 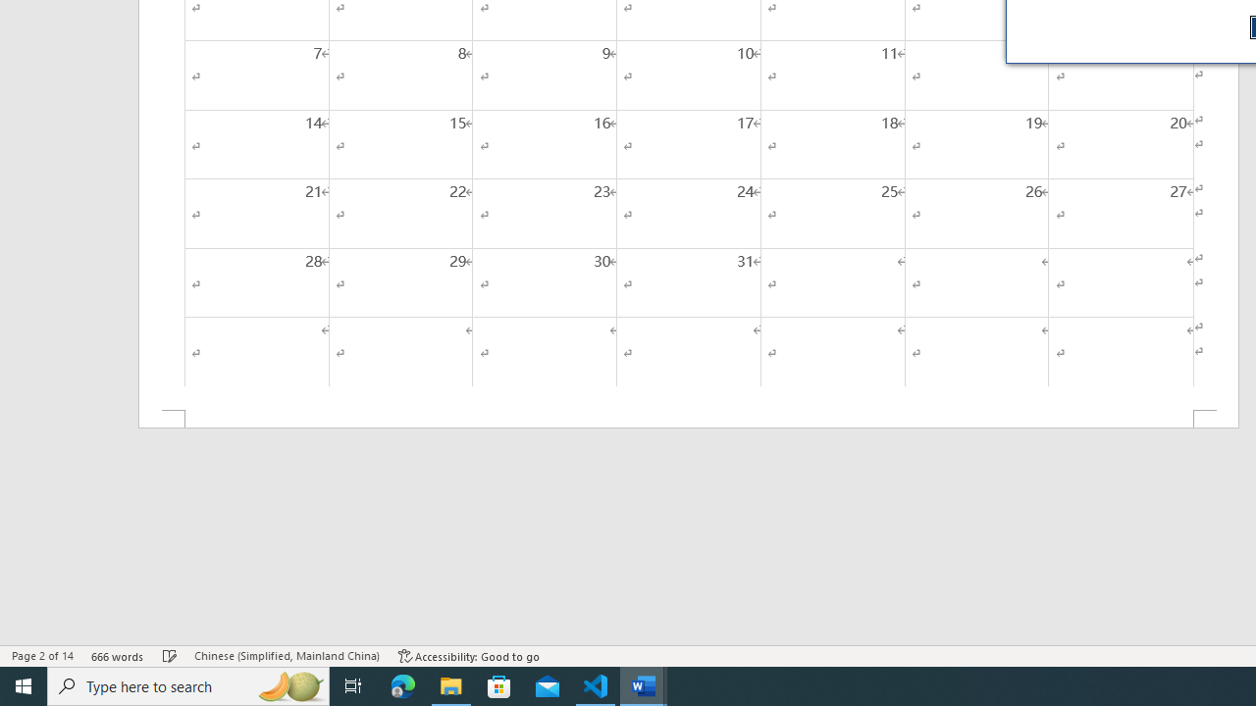 I want to click on 'Footer -Section 1-', so click(x=689, y=418).